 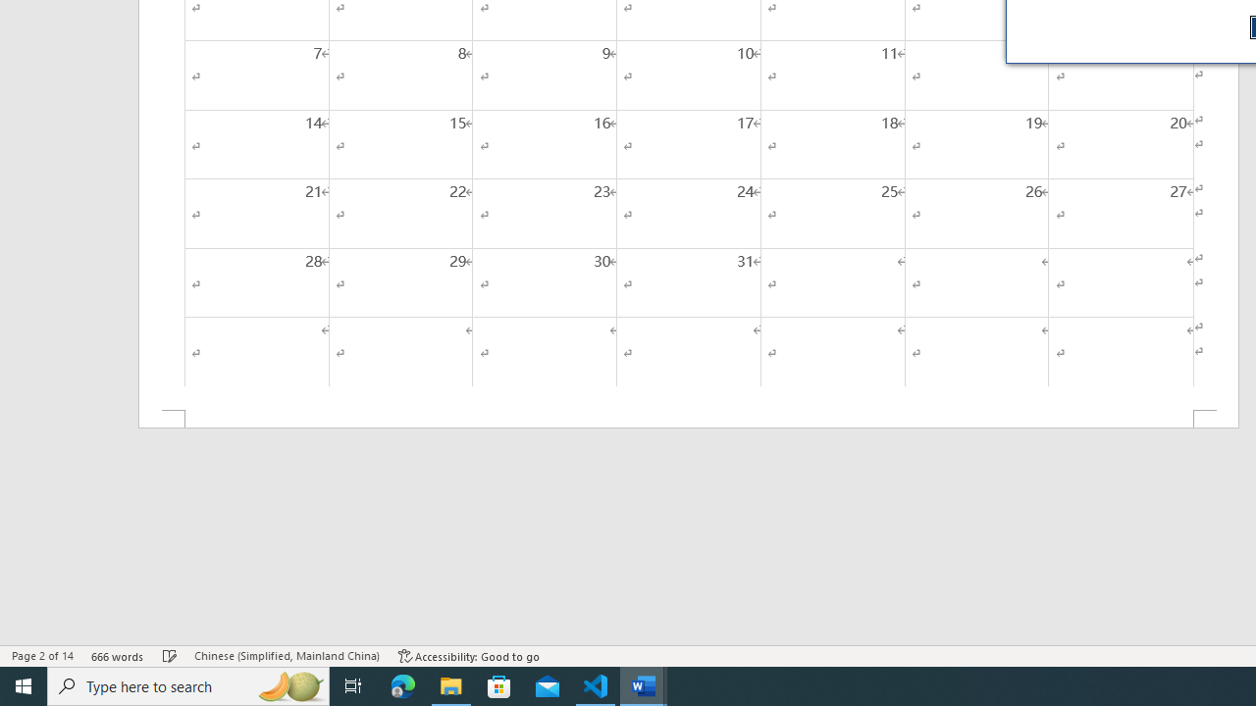 I want to click on 'Footer -Section 1-', so click(x=689, y=418).